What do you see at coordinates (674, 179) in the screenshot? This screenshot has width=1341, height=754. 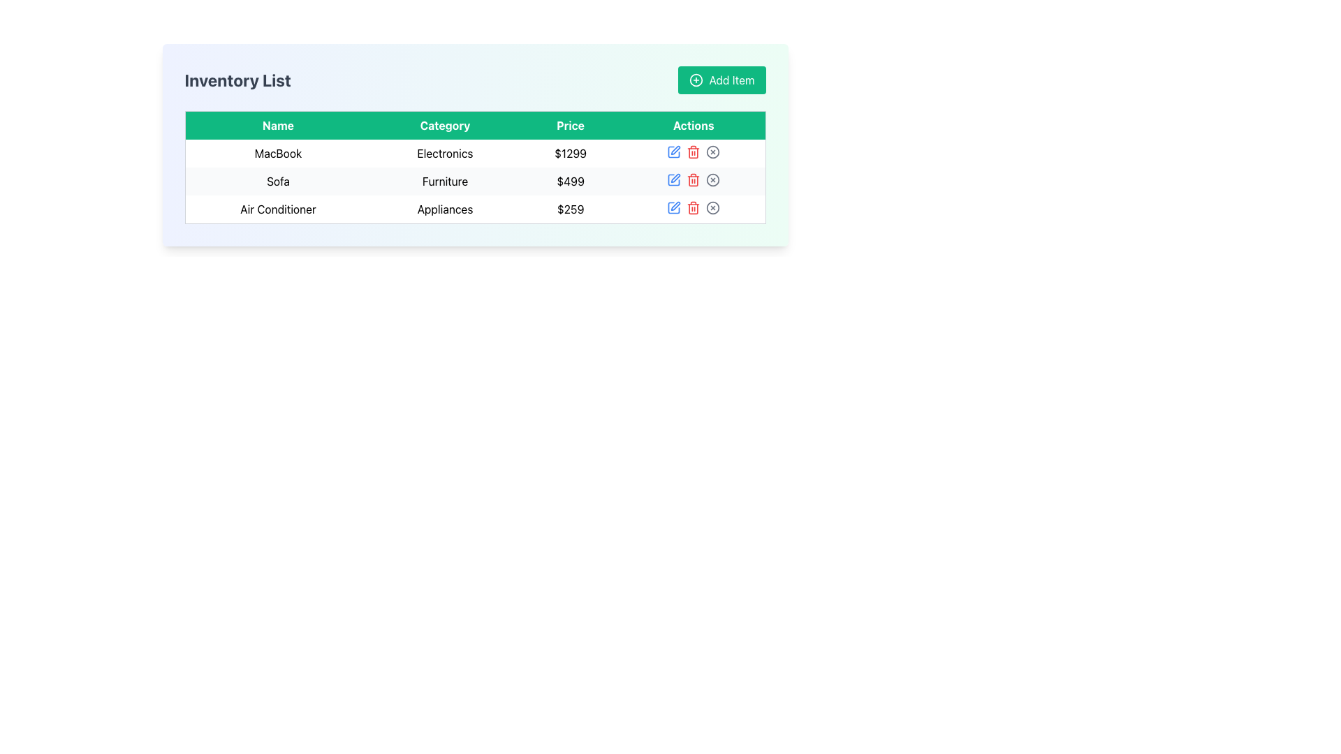 I see `the blue edit icon resembling a pen in the Actions column for the item 'Sofa'` at bounding box center [674, 179].